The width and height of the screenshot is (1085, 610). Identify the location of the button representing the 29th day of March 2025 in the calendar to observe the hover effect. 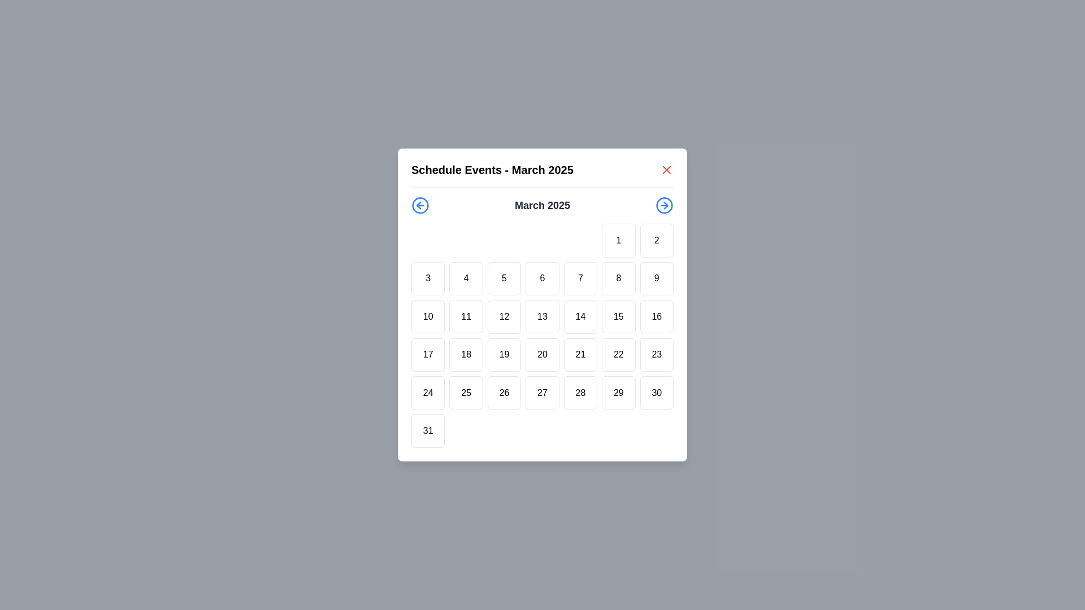
(618, 392).